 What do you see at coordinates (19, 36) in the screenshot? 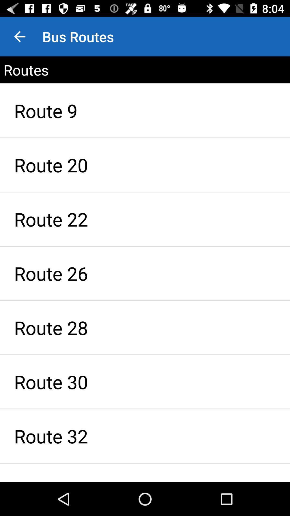
I see `the app next to the bus routes item` at bounding box center [19, 36].